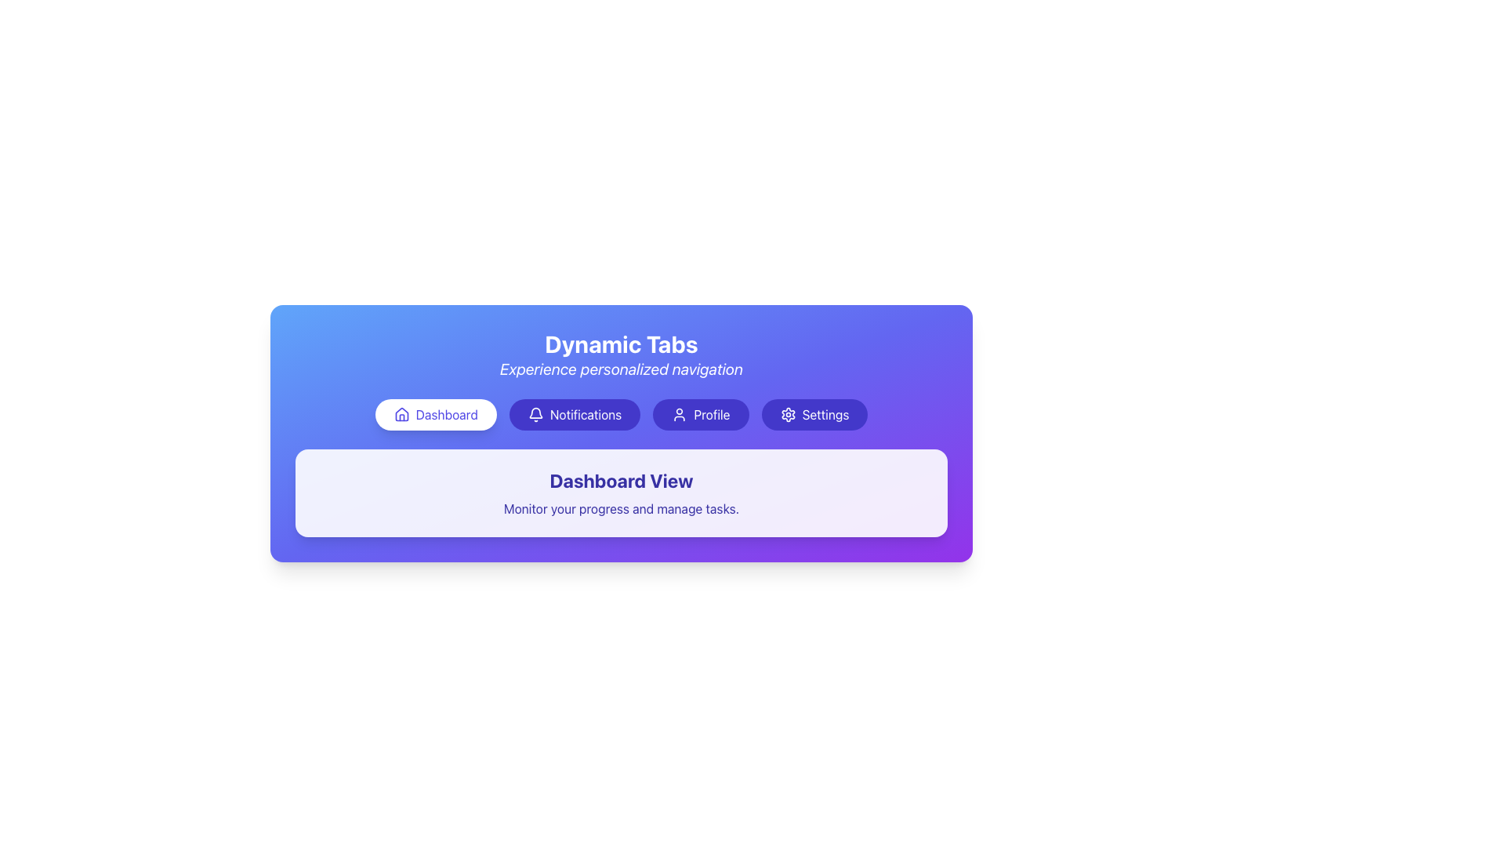 This screenshot has height=847, width=1505. I want to click on the Text Display element featuring the title 'Dynamic Tabs' in bold and large font and the subtitle 'Experience personalized navigation' in italic and smaller font, which is centrally aligned and displayed in white on a gradient background, so click(620, 354).